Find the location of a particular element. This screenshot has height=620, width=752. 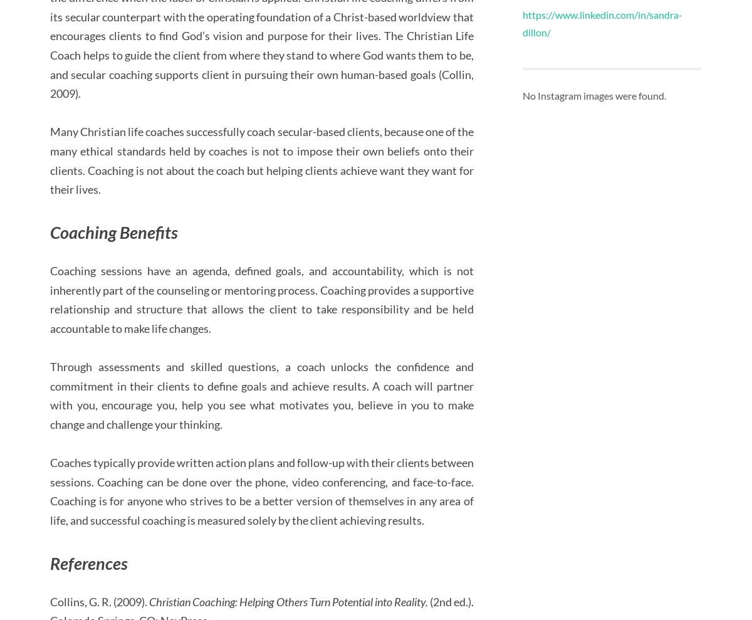

'Through assessments and skilled questions, a coach unlocks the confidence and commitment in their clients to define goals and achieve results. A coach will partner with you, encourage you, help you see what motivates you, believe in you to make change and challenge your thinking.' is located at coordinates (261, 395).